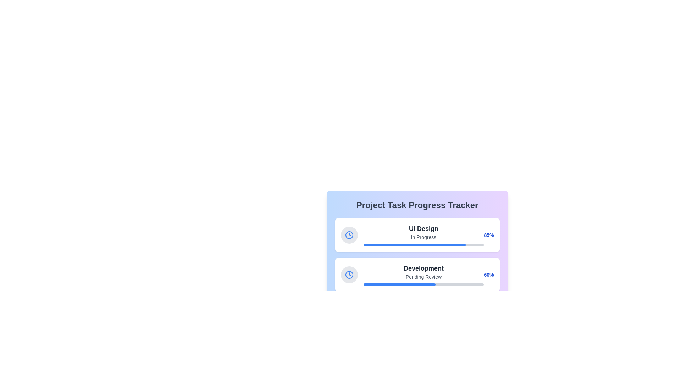  I want to click on the blue clock icon with a circular outline, located to the left of the text 'Development' in the second row of the interface, so click(349, 235).